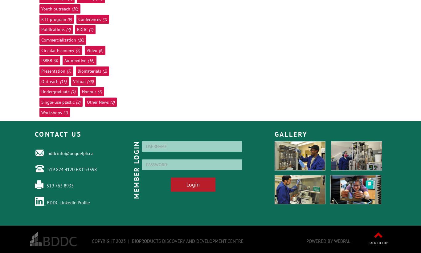 This screenshot has width=421, height=253. What do you see at coordinates (67, 19) in the screenshot?
I see `'(9)'` at bounding box center [67, 19].